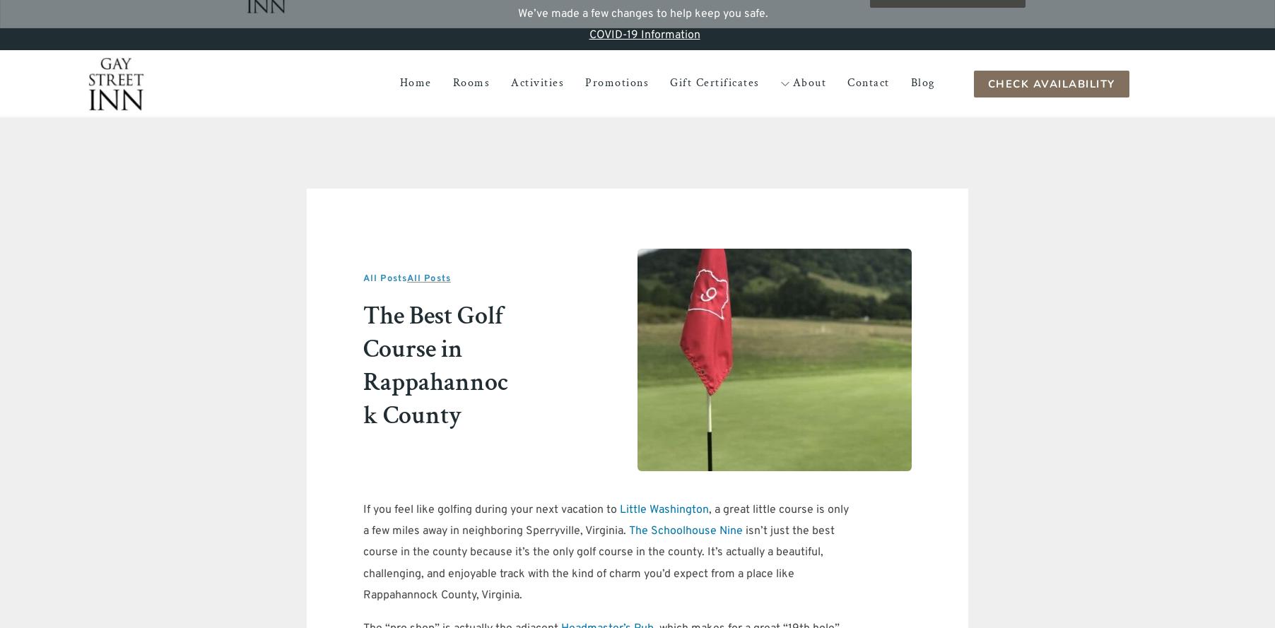 This screenshot has width=1275, height=628. I want to click on 'The Schoolhouse Nine', so click(685, 531).